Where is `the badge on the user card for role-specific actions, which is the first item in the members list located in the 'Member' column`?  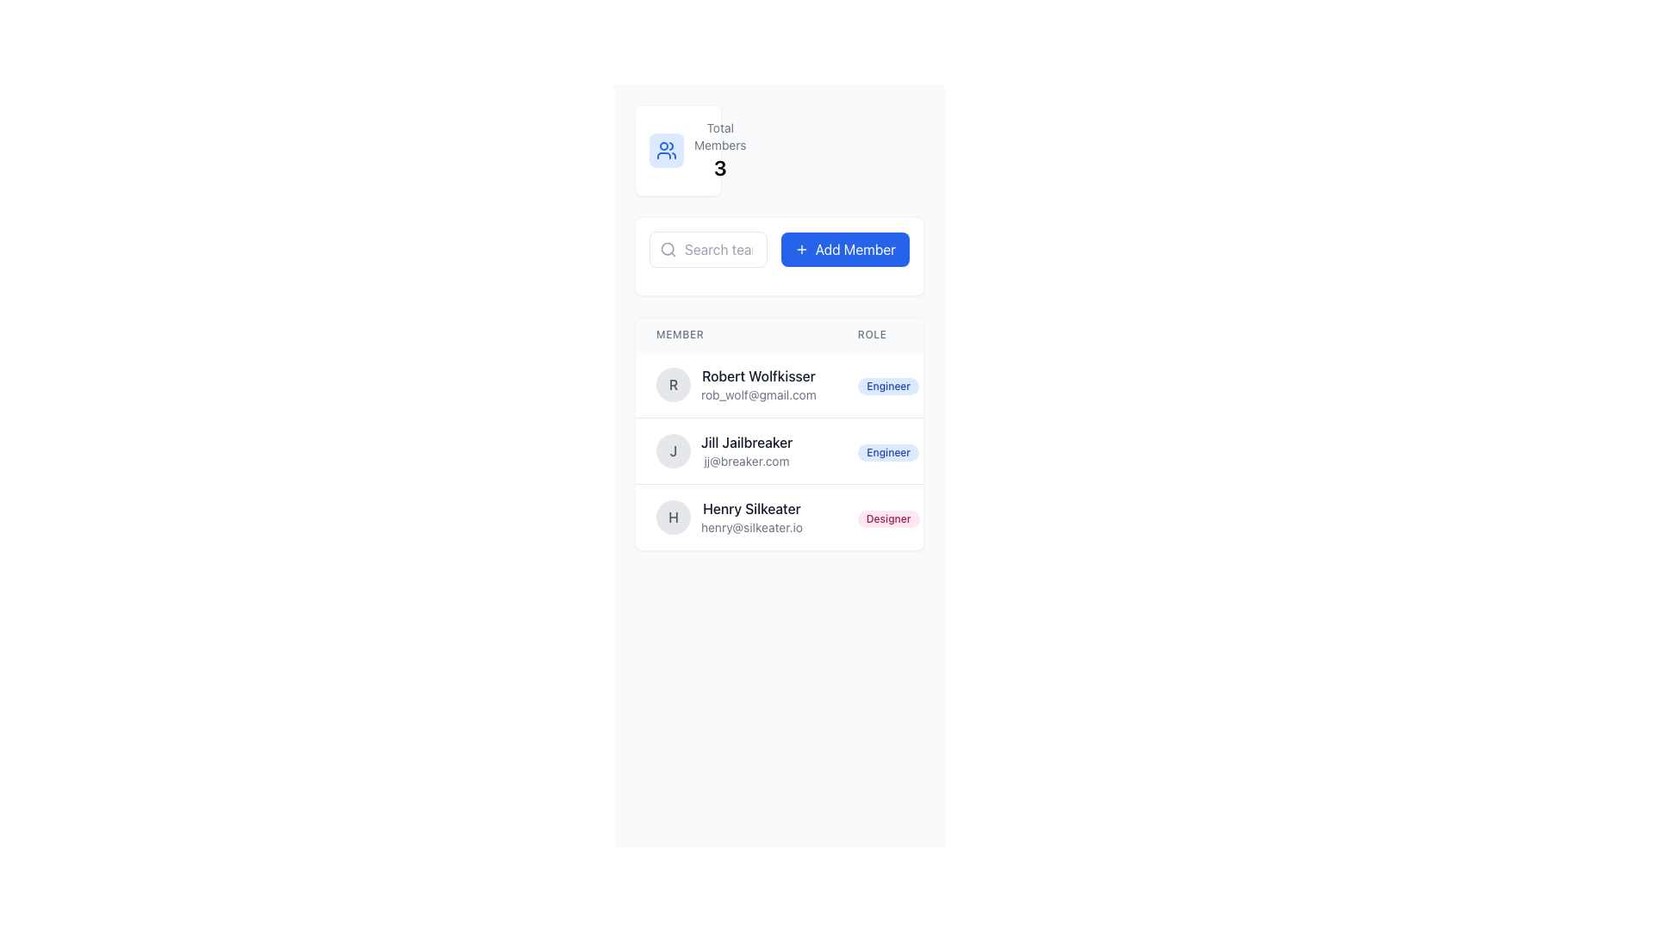
the badge on the user card for role-specific actions, which is the first item in the members list located in the 'Member' column is located at coordinates (940, 384).